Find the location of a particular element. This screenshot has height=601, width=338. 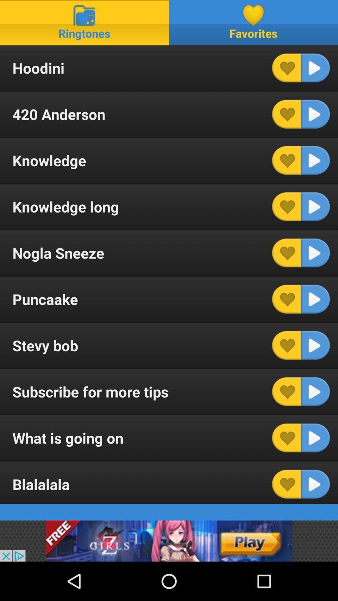

the ringtone to your favorites is located at coordinates (286, 253).